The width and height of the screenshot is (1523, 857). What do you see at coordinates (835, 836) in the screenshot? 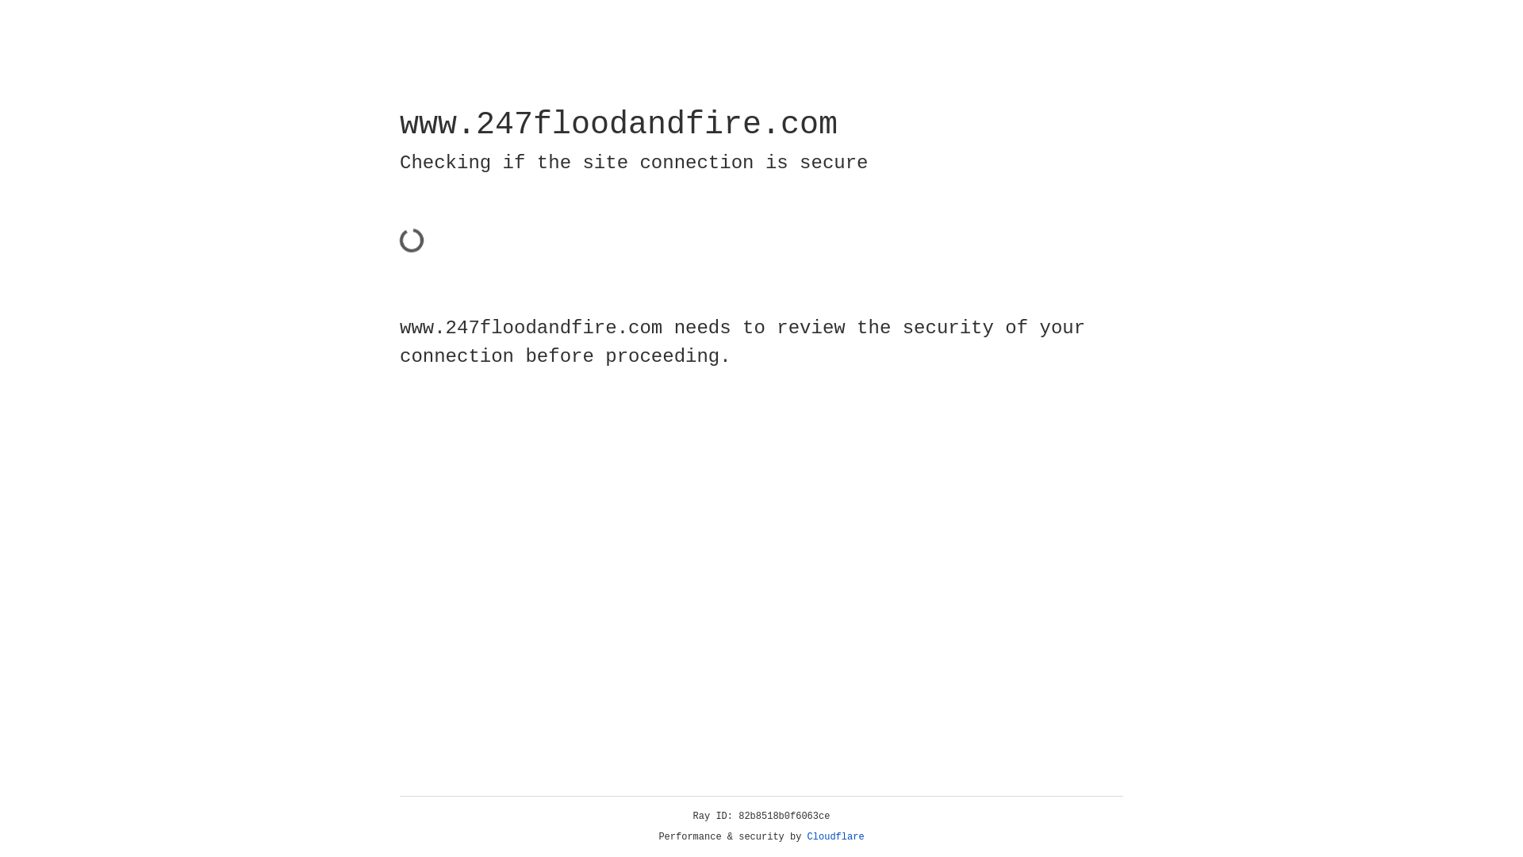
I see `'Cloudflare'` at bounding box center [835, 836].